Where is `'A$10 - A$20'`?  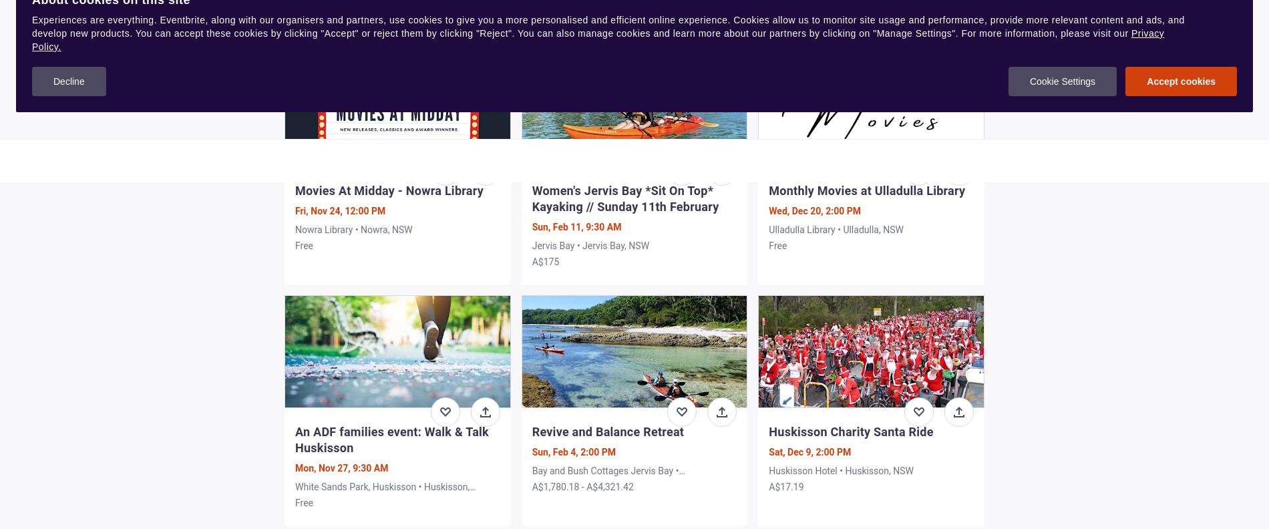 'A$10 - A$20' is located at coordinates (294, 19).